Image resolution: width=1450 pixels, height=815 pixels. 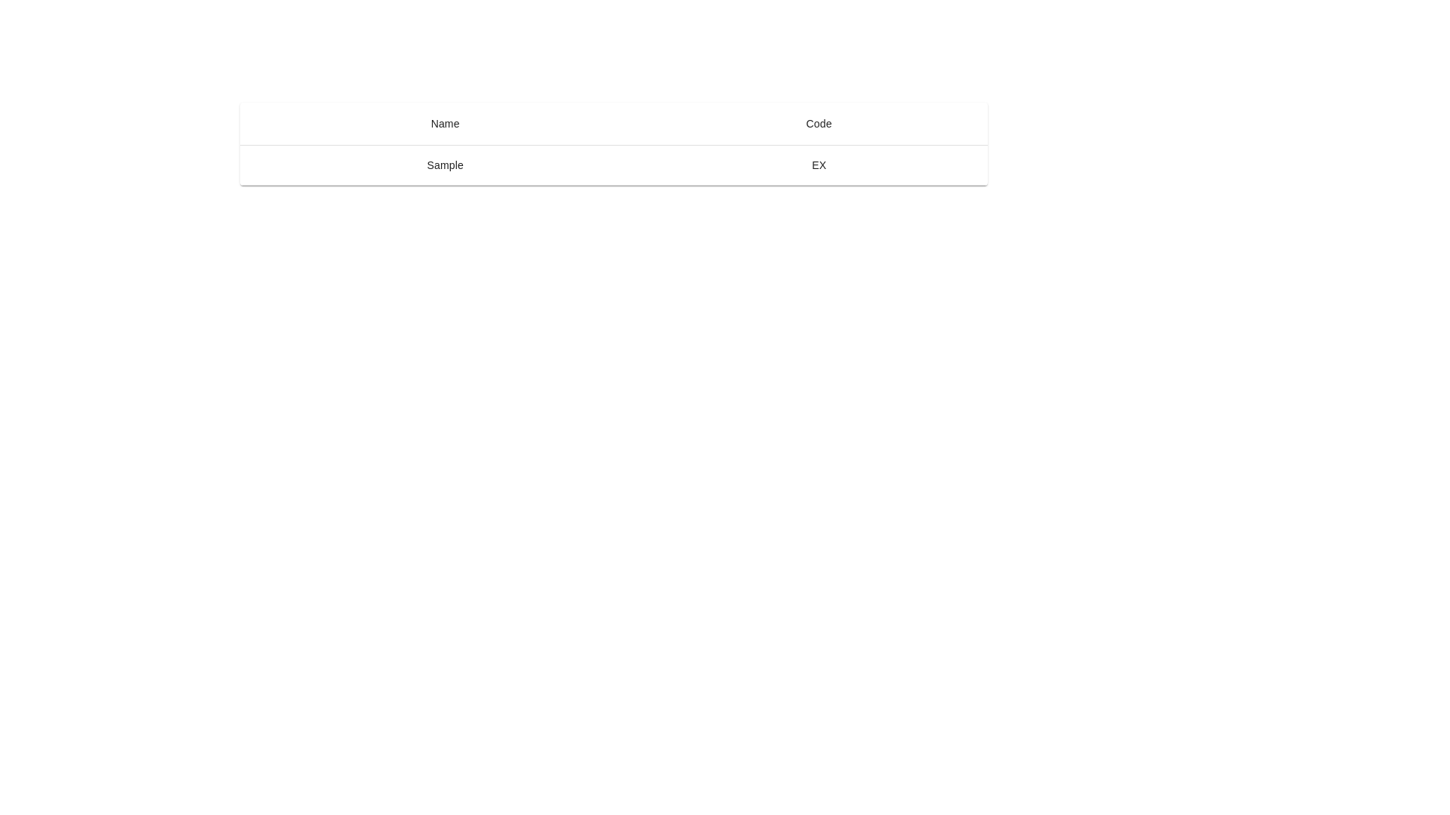 What do you see at coordinates (818, 165) in the screenshot?
I see `the table cell displaying the text 'EX', which is the second cell in the row, located to the right of the 'Sample' cell` at bounding box center [818, 165].